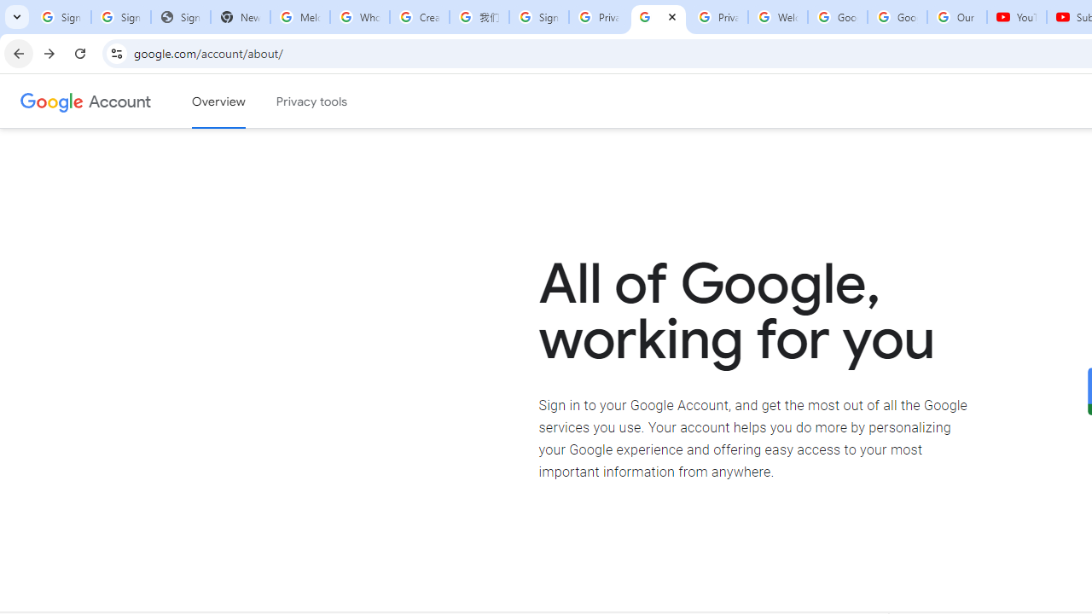 This screenshot has width=1092, height=614. I want to click on 'Sign In - USA TODAY', so click(180, 17).